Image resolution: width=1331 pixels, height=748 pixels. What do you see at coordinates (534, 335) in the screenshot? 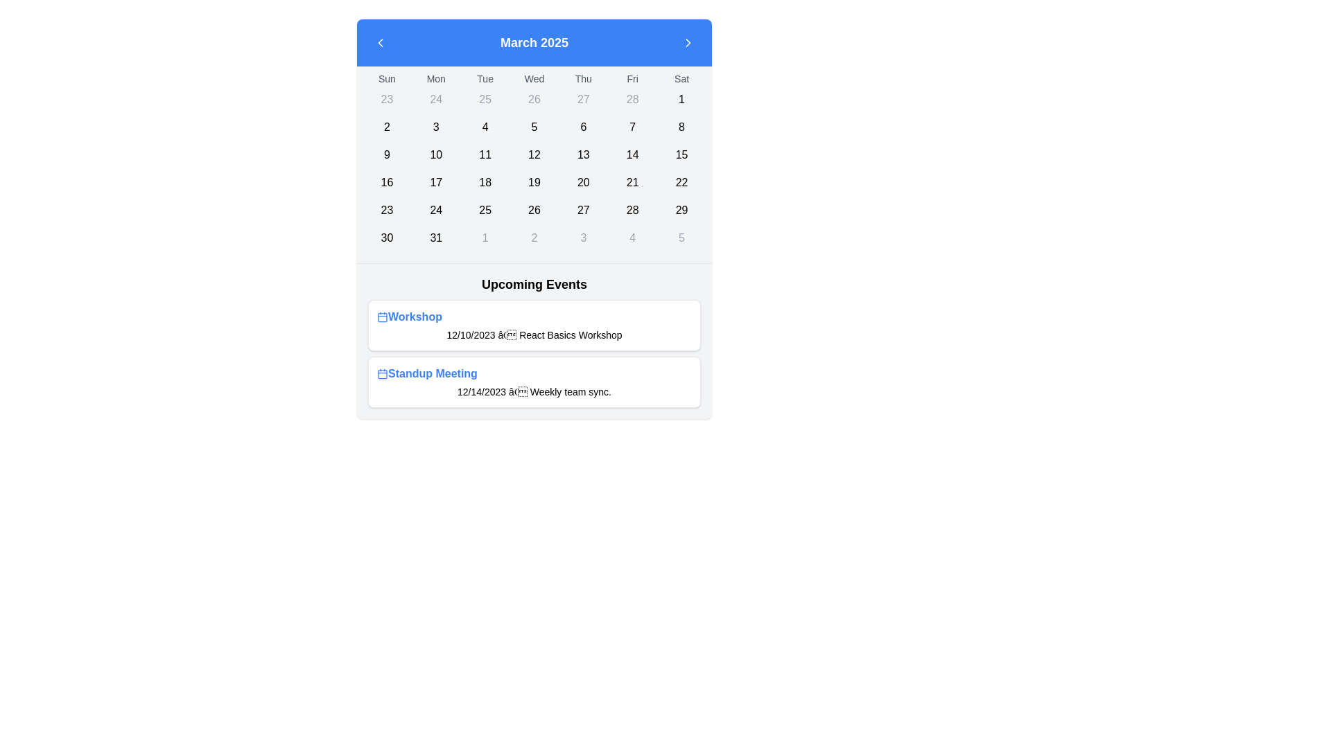
I see `the text element displaying '12/10/2023 – React Basics Workshop', which is located beneath the bold title 'Workshop' in the 'Upcoming Events' section` at bounding box center [534, 335].